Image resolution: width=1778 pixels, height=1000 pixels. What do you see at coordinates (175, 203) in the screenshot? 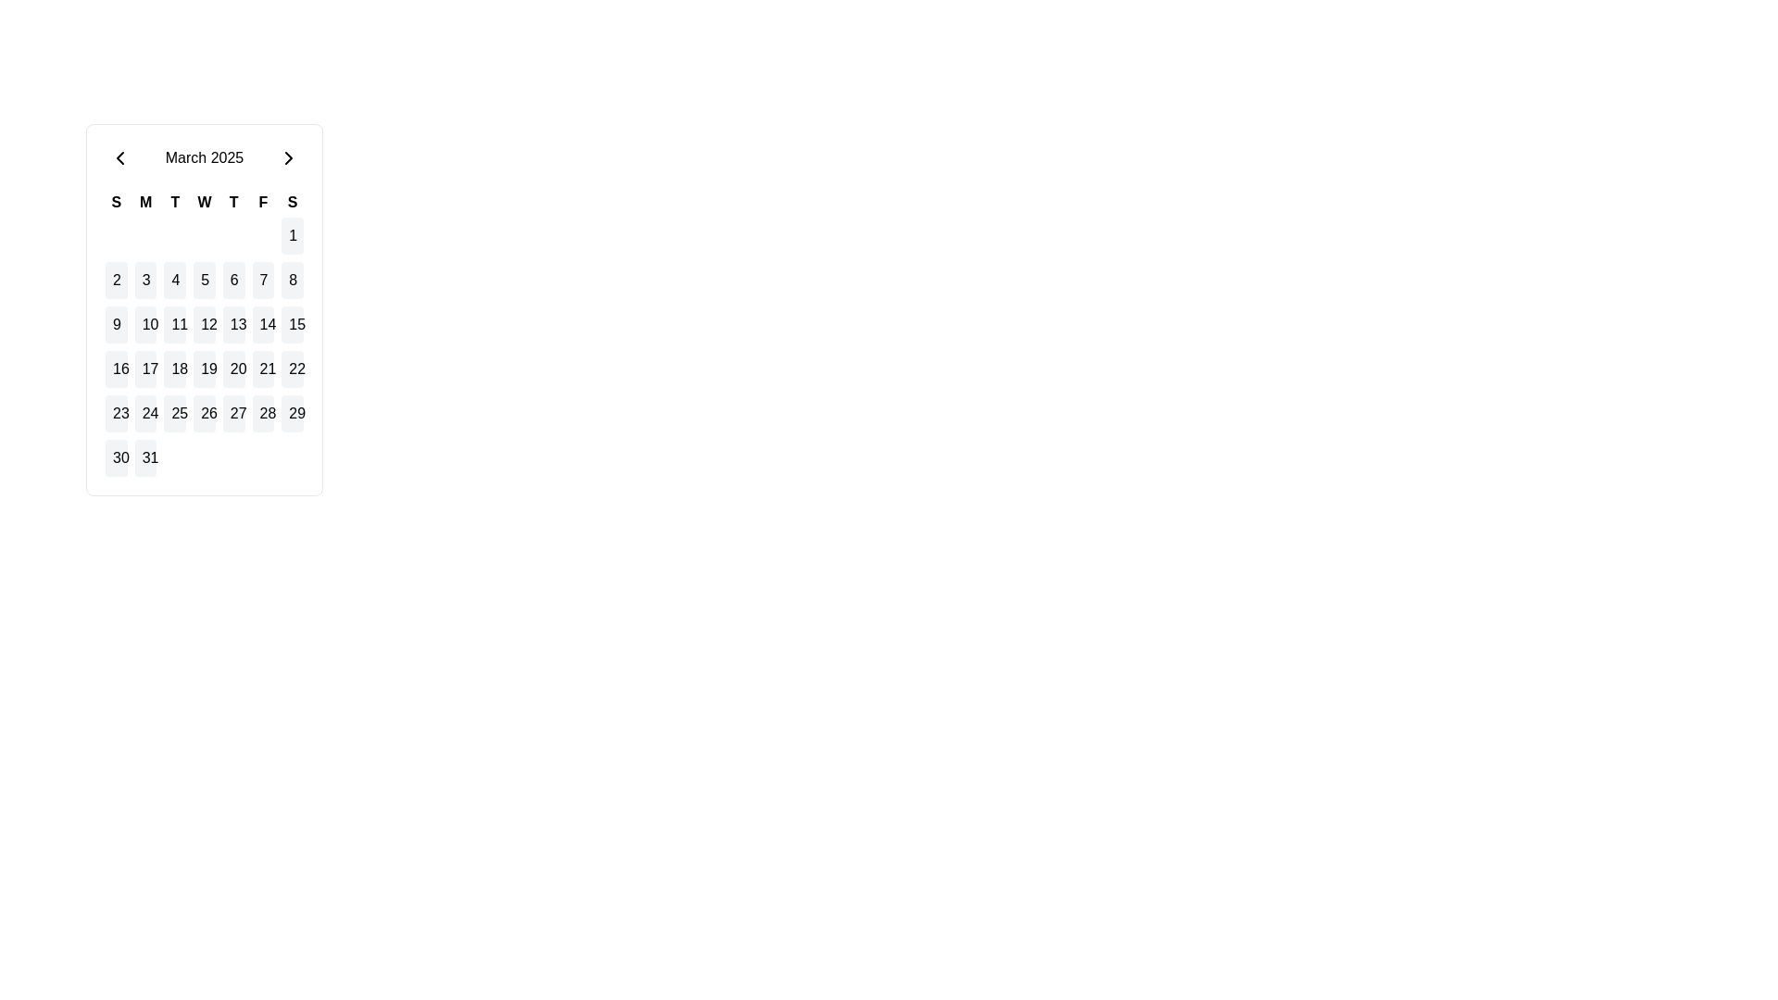
I see `the Text label representing Tuesday in the header of the calendar structure, which is the third letter in a seven-column grid of days of the week` at bounding box center [175, 203].